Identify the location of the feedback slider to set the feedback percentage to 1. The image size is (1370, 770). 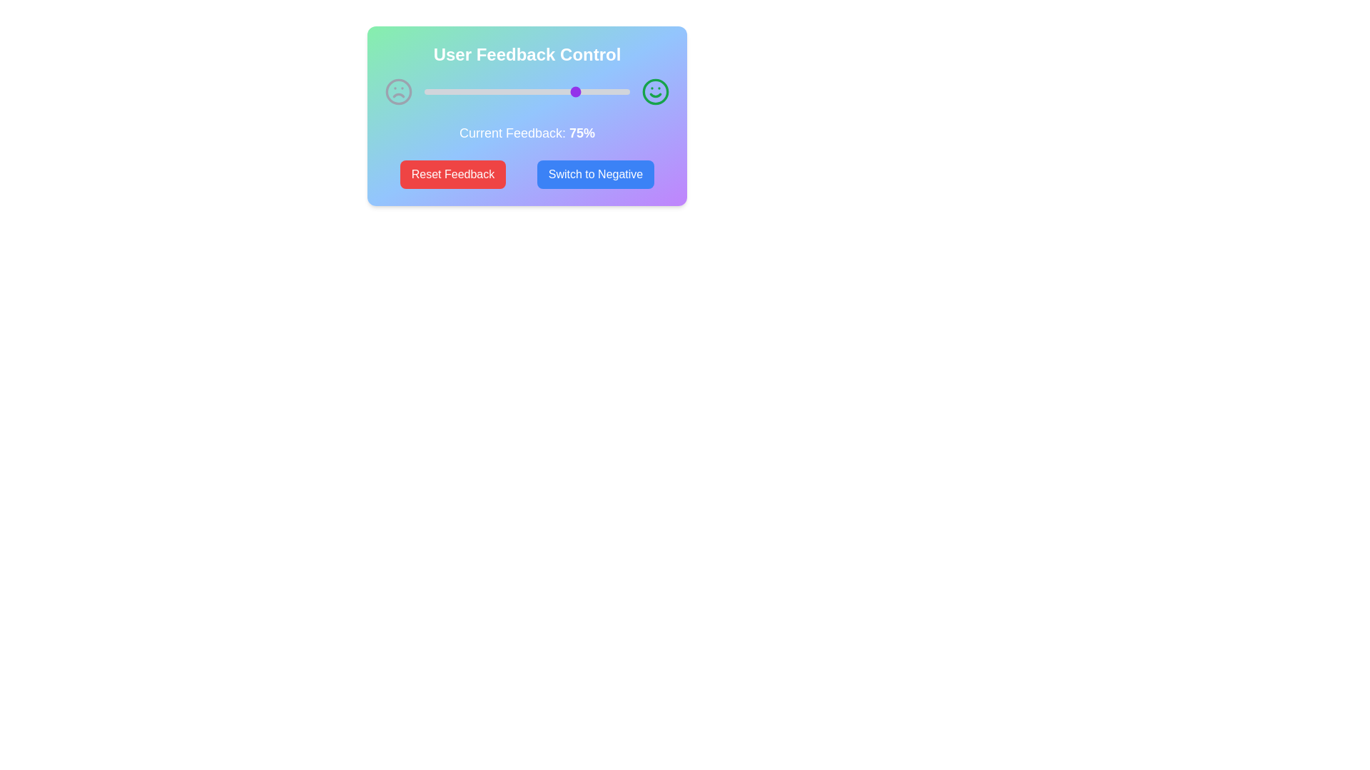
(425, 91).